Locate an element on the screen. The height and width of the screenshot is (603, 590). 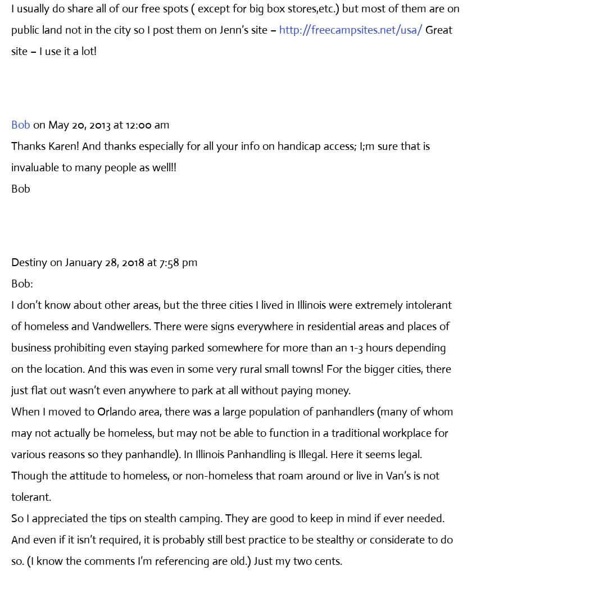
'on May 20, 2013 at 12:00 am' is located at coordinates (33, 124).